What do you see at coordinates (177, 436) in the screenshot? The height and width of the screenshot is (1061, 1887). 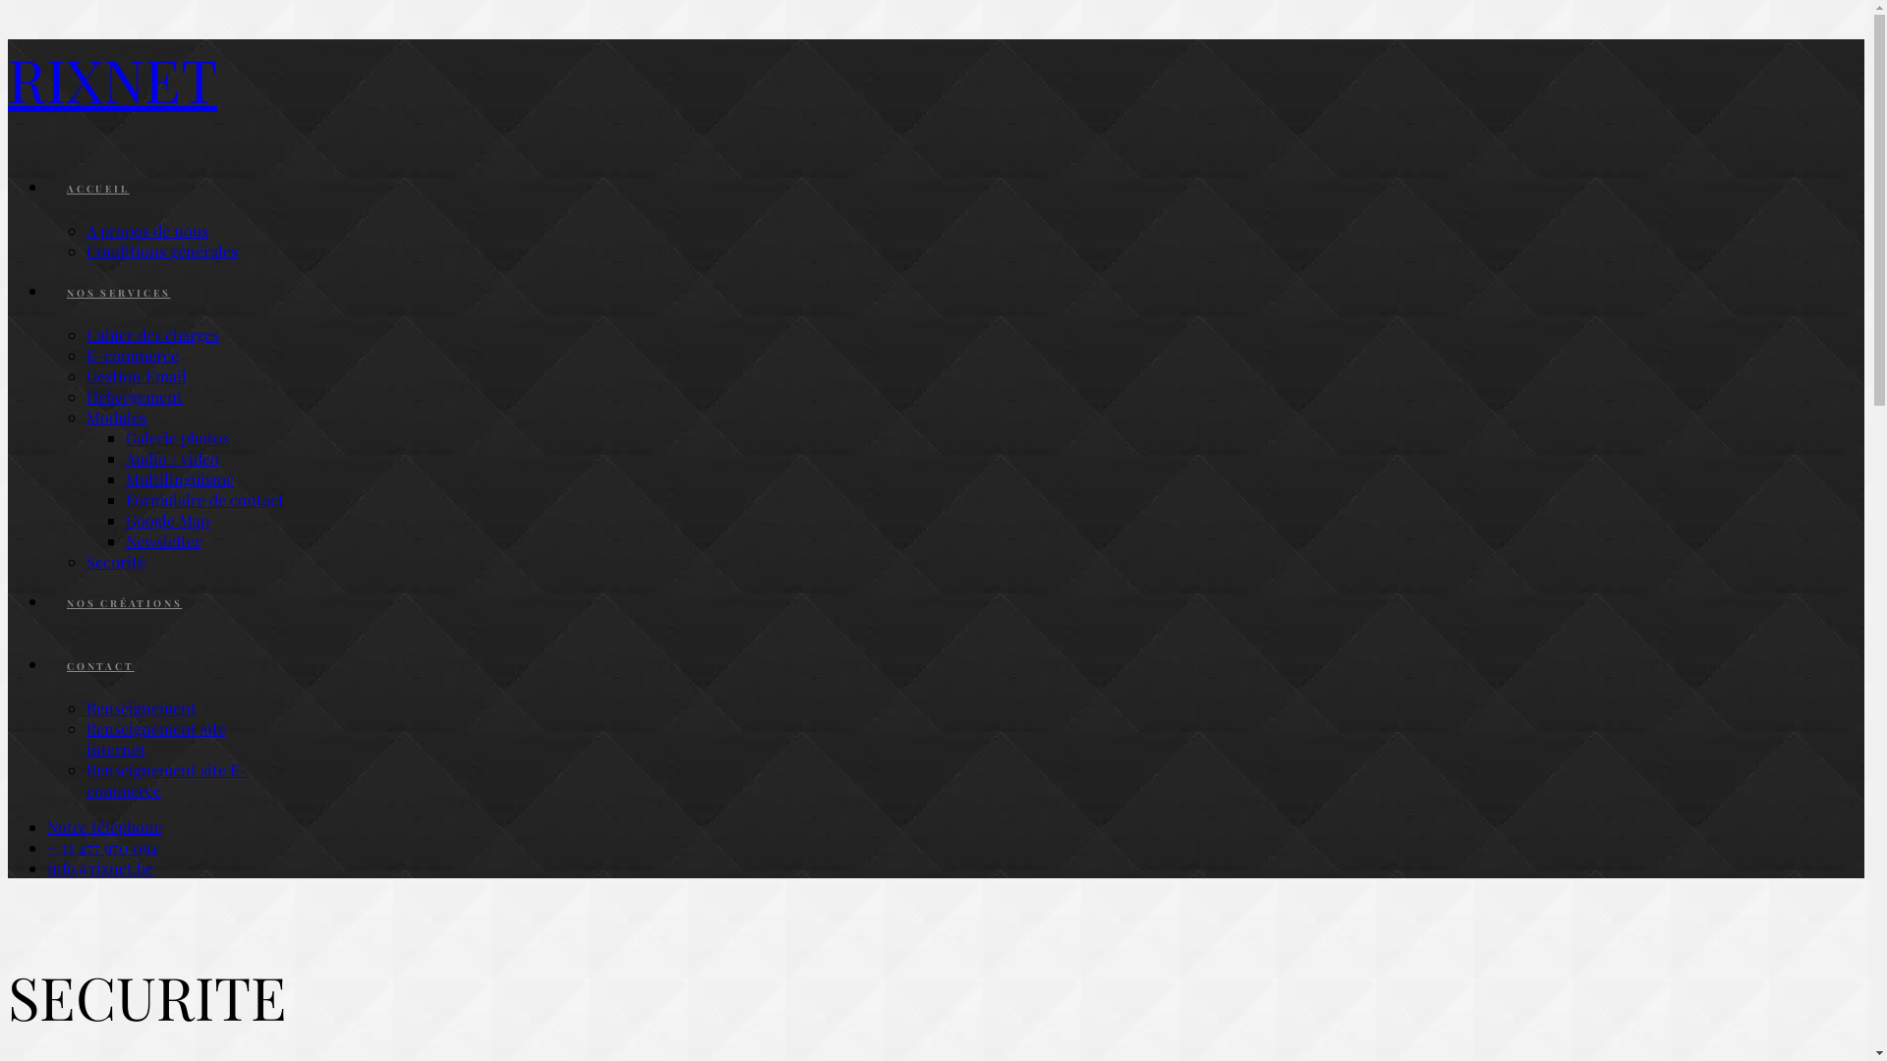 I see `'Galerie photos'` at bounding box center [177, 436].